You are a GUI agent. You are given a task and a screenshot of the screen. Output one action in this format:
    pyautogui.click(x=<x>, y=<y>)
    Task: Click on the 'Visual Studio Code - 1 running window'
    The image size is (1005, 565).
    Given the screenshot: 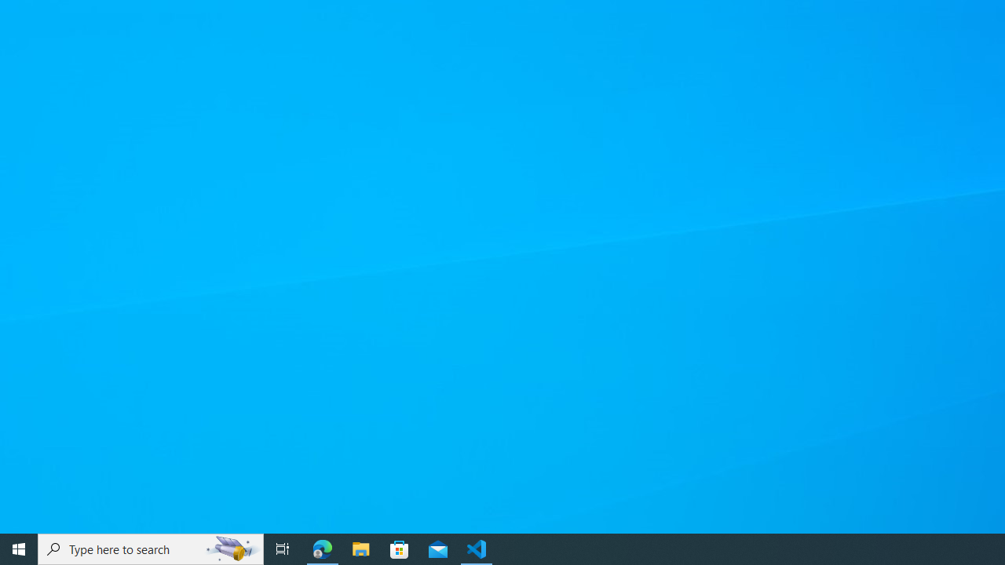 What is the action you would take?
    pyautogui.click(x=476, y=548)
    